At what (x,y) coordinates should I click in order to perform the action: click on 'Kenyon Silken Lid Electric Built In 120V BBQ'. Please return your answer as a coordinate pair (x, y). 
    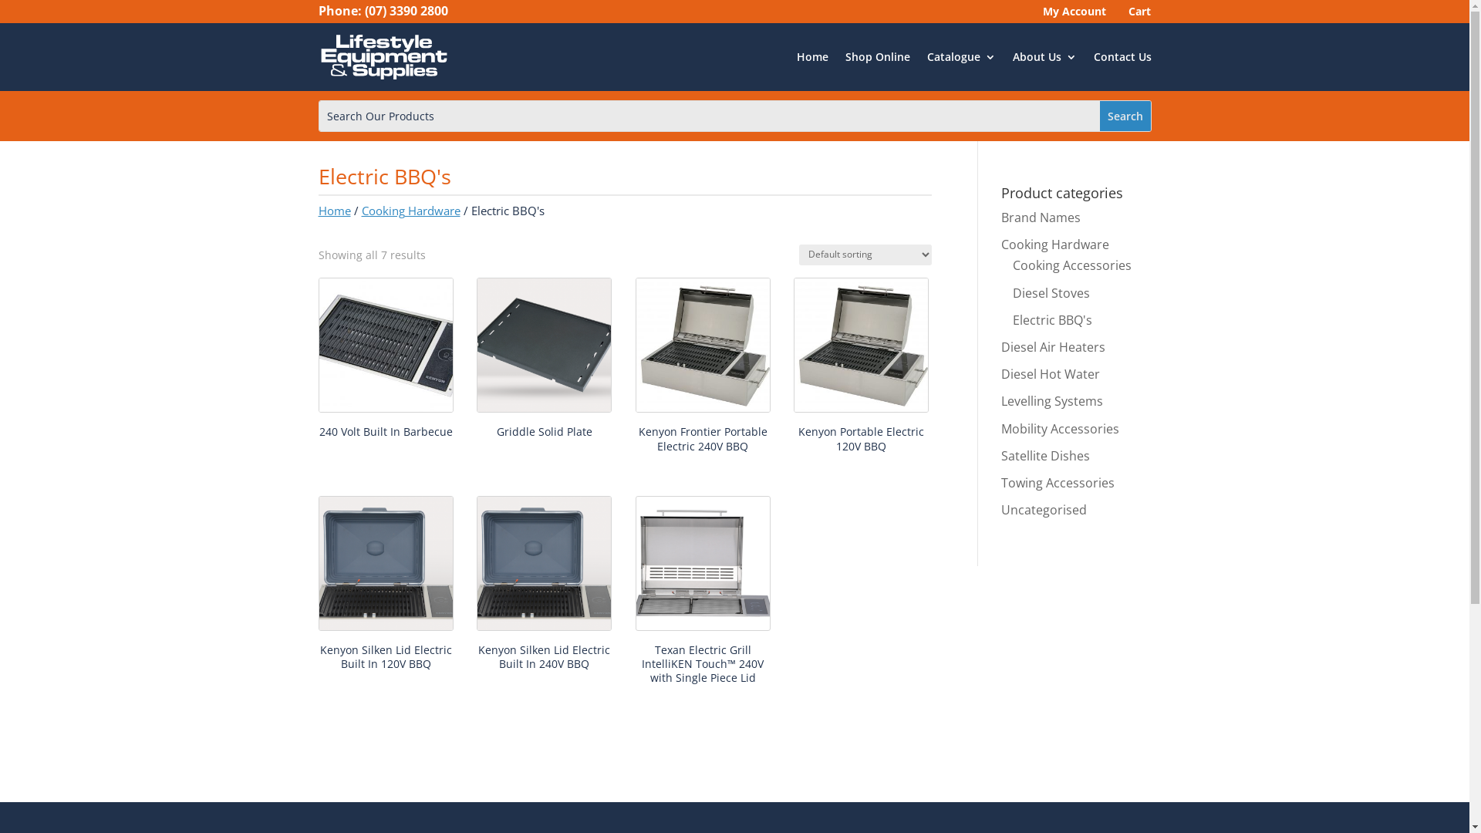
    Looking at the image, I should click on (385, 586).